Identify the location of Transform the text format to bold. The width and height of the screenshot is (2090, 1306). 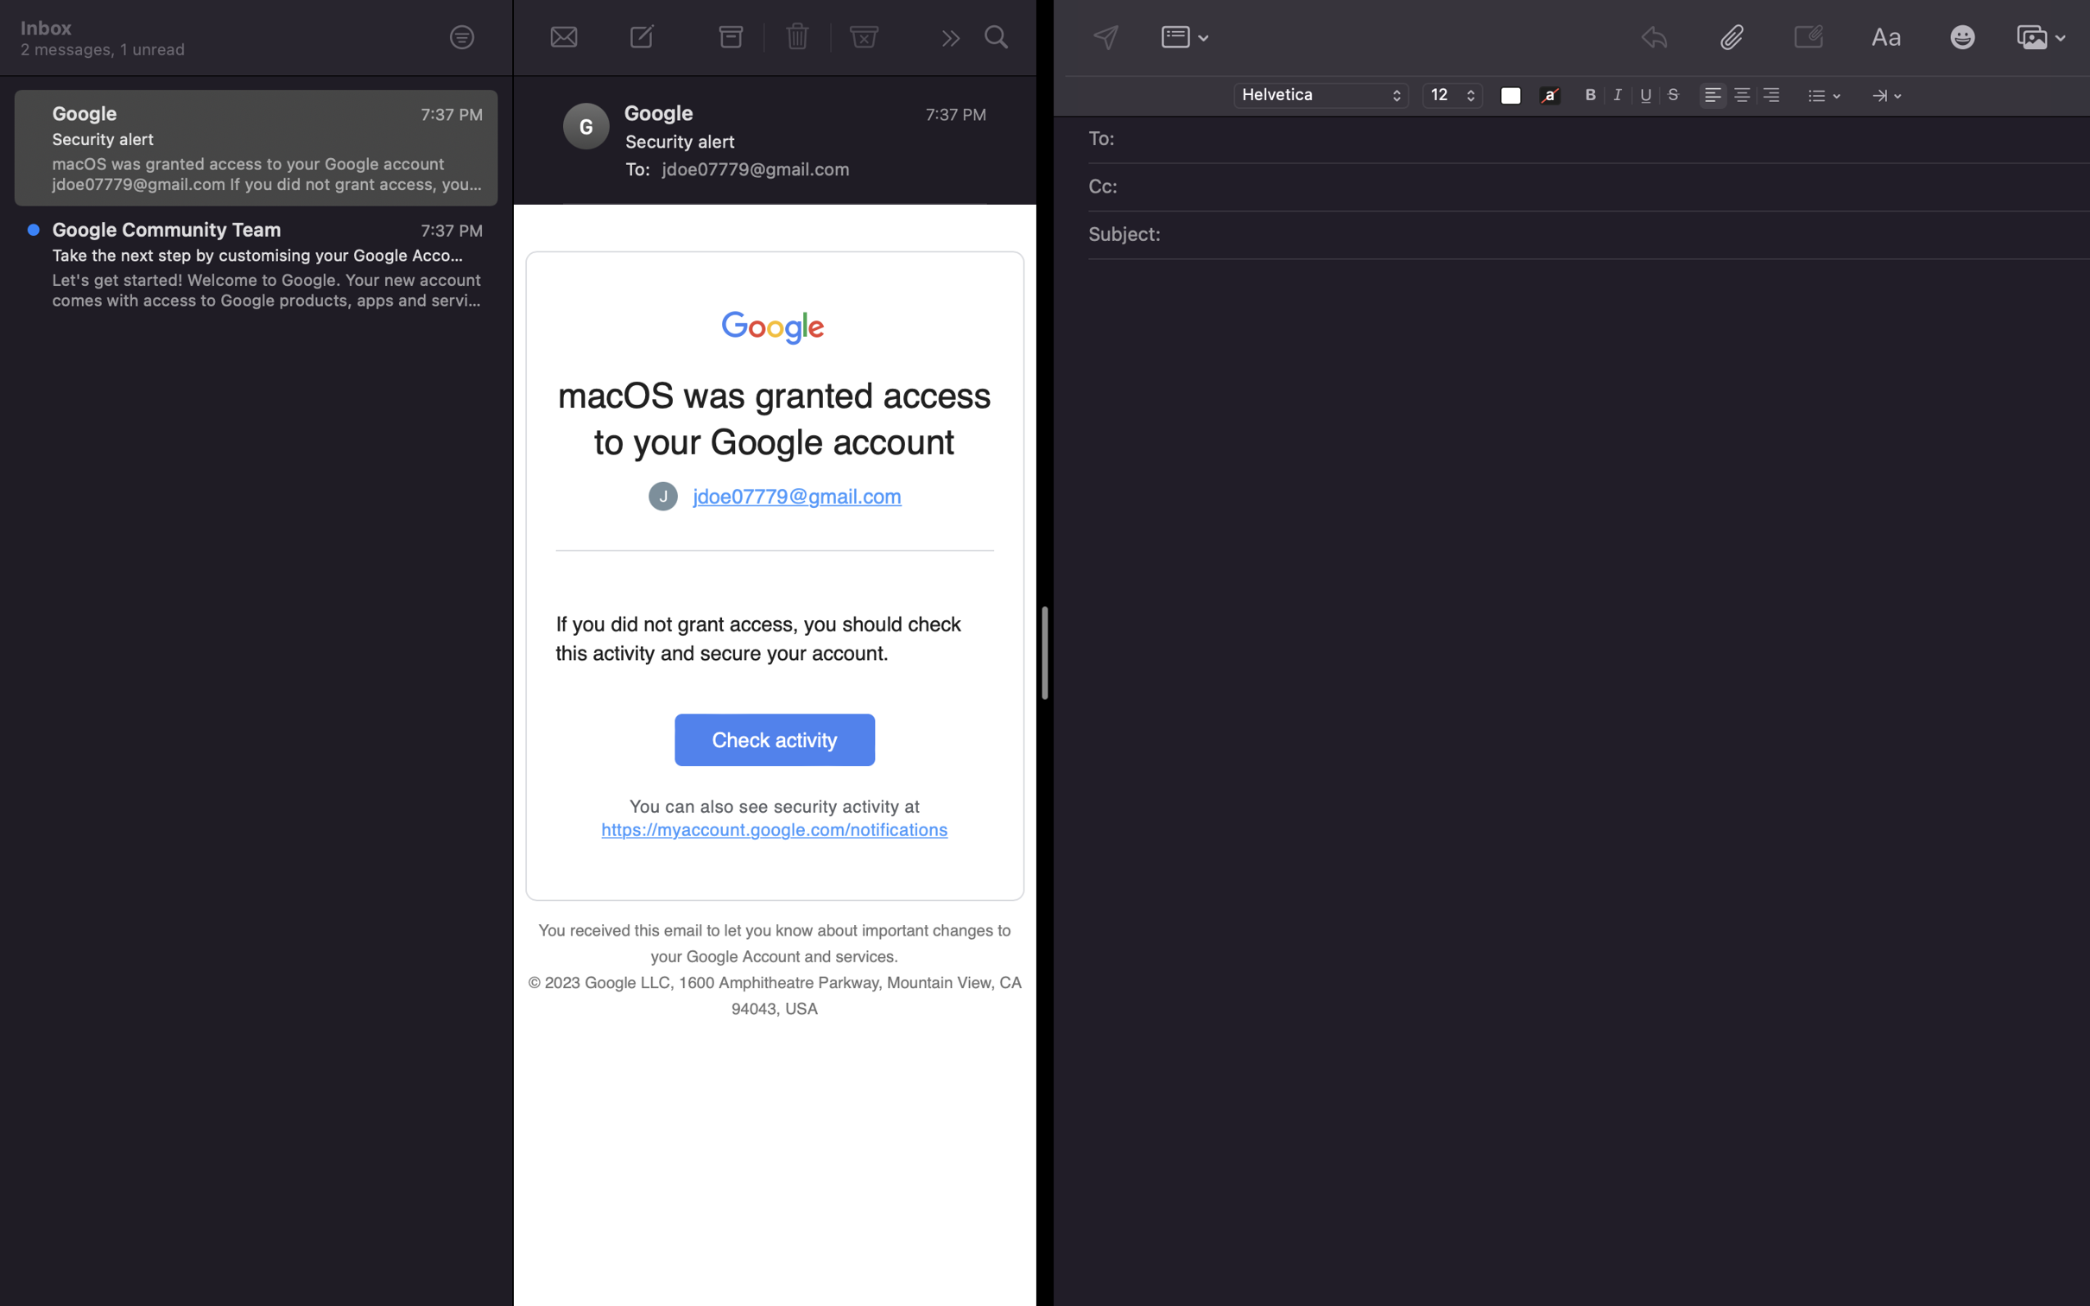
(1591, 93).